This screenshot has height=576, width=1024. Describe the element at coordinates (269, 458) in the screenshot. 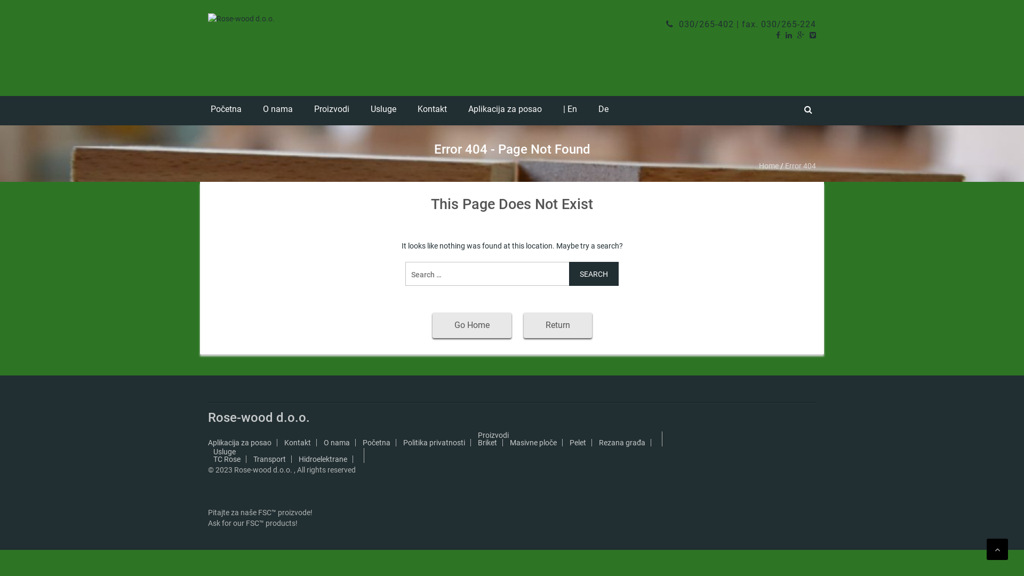

I see `'Transport'` at that location.